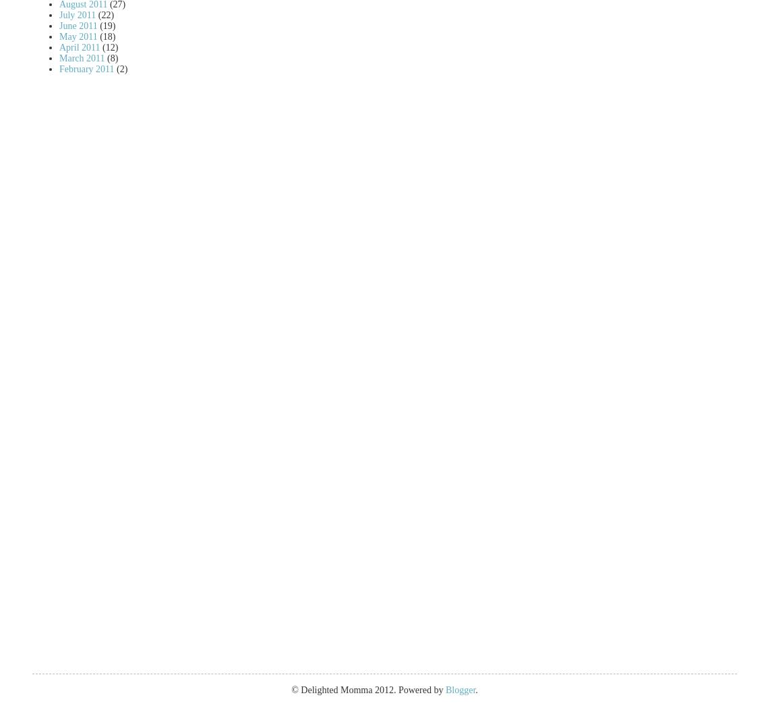 This screenshot has height=706, width=764. Describe the element at coordinates (86, 68) in the screenshot. I see `'February 2011'` at that location.